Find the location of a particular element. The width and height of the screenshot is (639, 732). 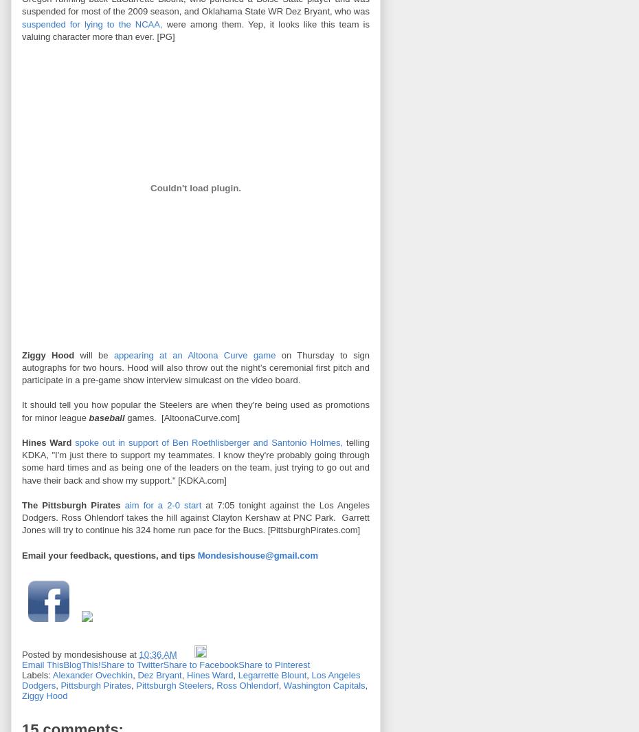

'will be' is located at coordinates (93, 354).